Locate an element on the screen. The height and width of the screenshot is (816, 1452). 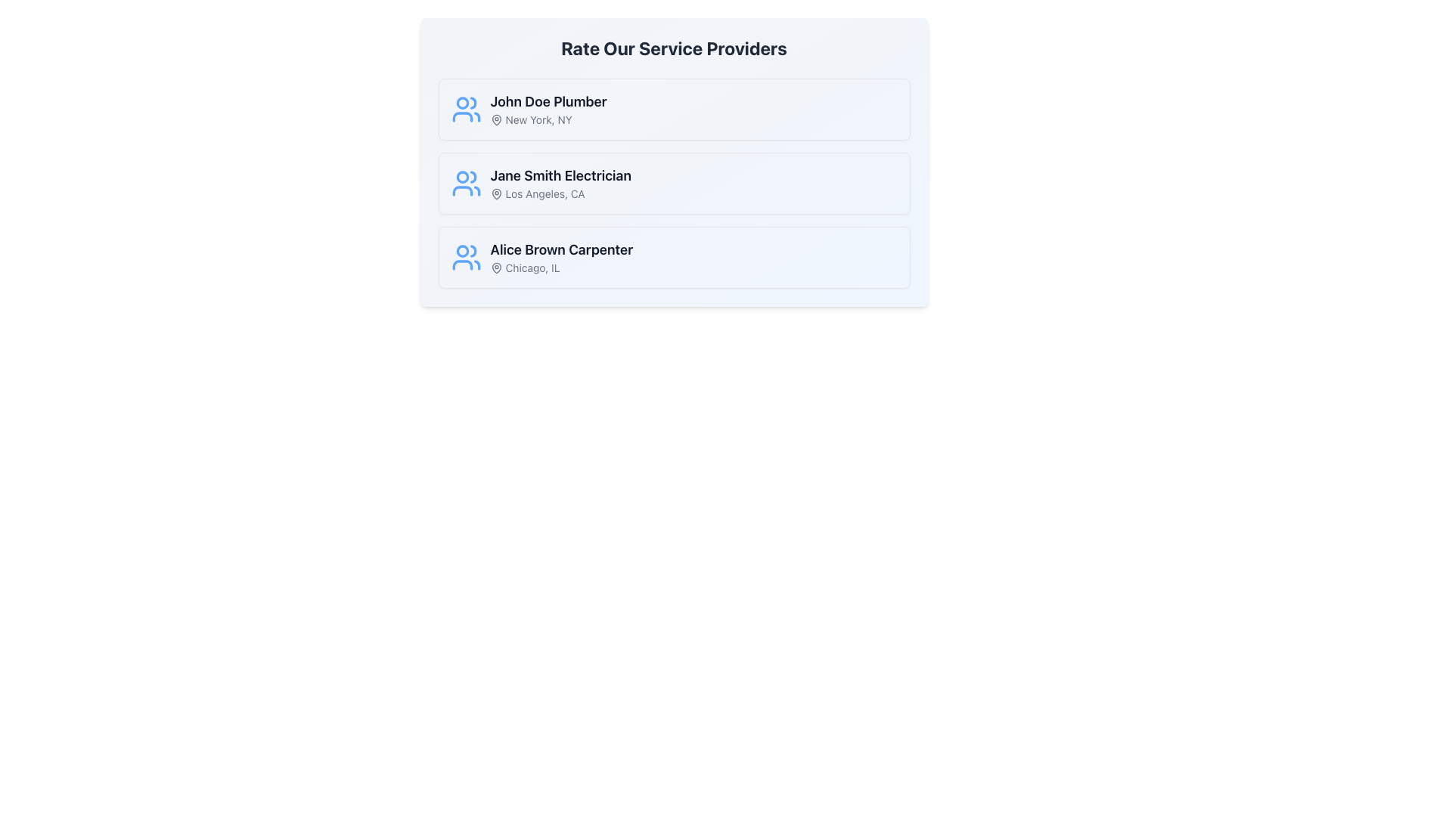
the static text label displaying the service provider name 'Alice Brown Carpenter', which is the last item in a list of providers, positioned above 'Chicago, IL' and next to a map pin icon is located at coordinates (560, 249).